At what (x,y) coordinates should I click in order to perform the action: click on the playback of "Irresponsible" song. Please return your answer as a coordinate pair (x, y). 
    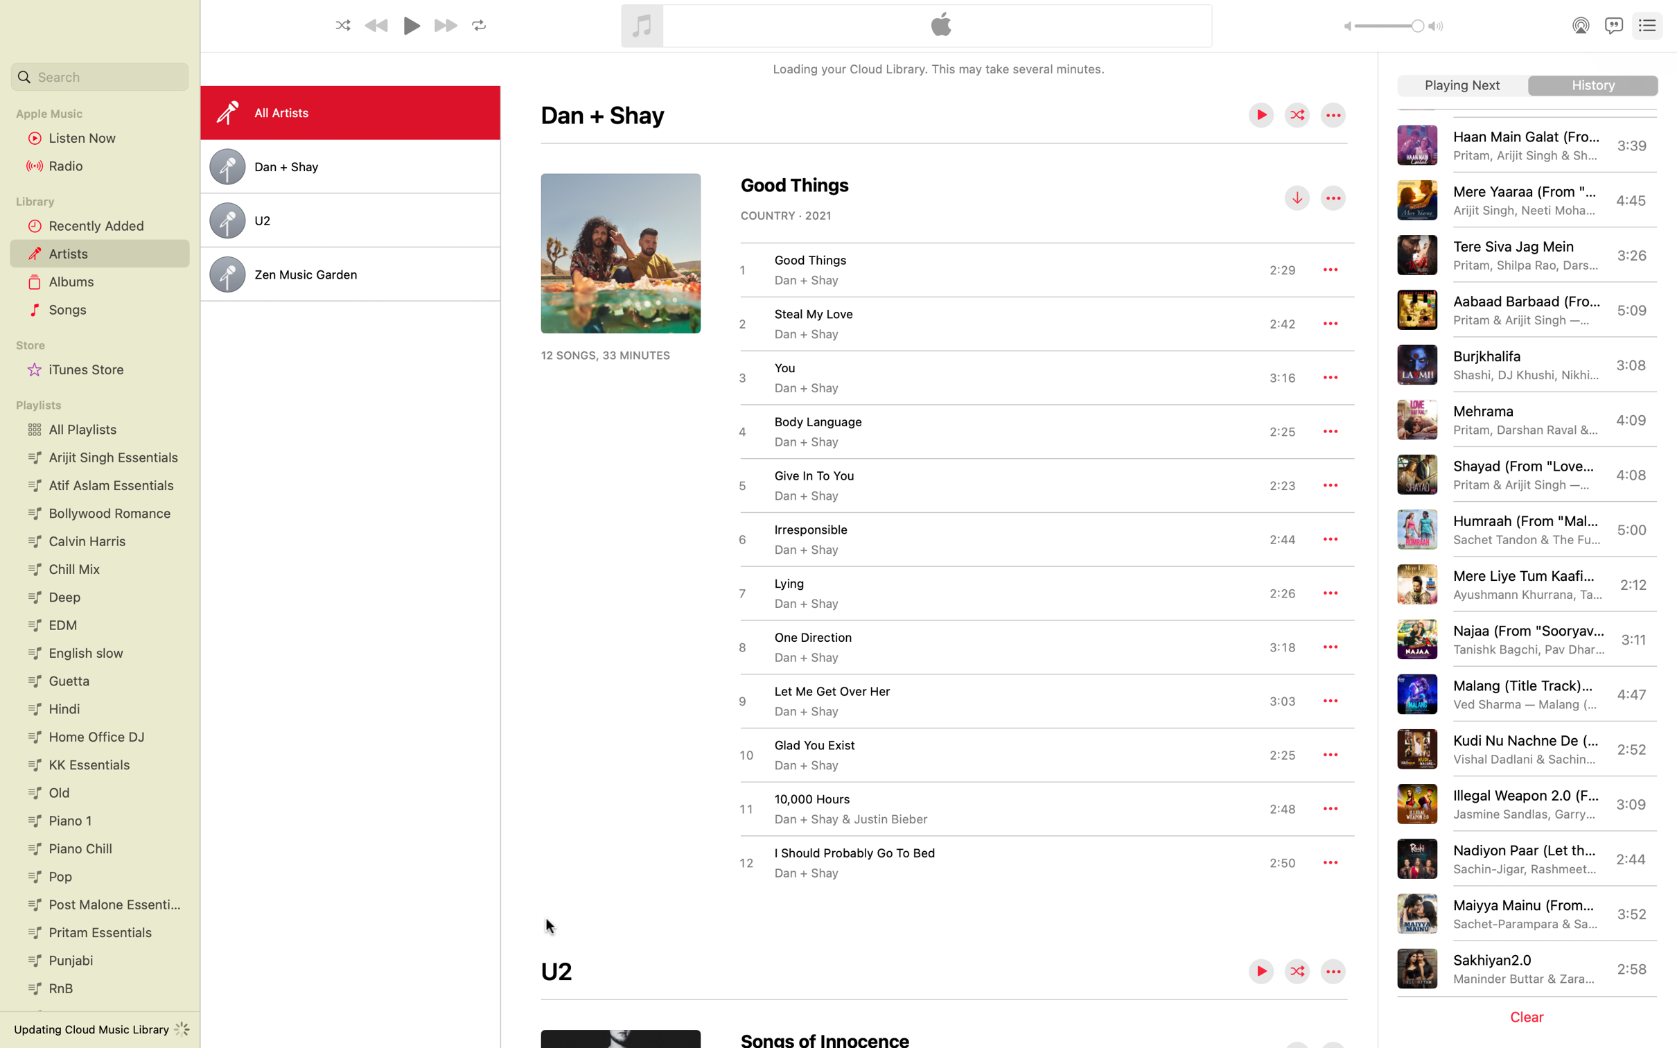
    Looking at the image, I should click on (1015, 539).